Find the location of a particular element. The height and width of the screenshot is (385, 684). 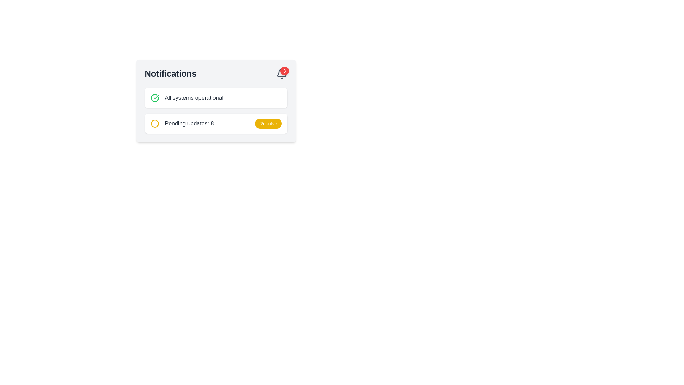

the circular yellow icon located to the left of the text 'Pending updates: 8' is located at coordinates (154, 123).